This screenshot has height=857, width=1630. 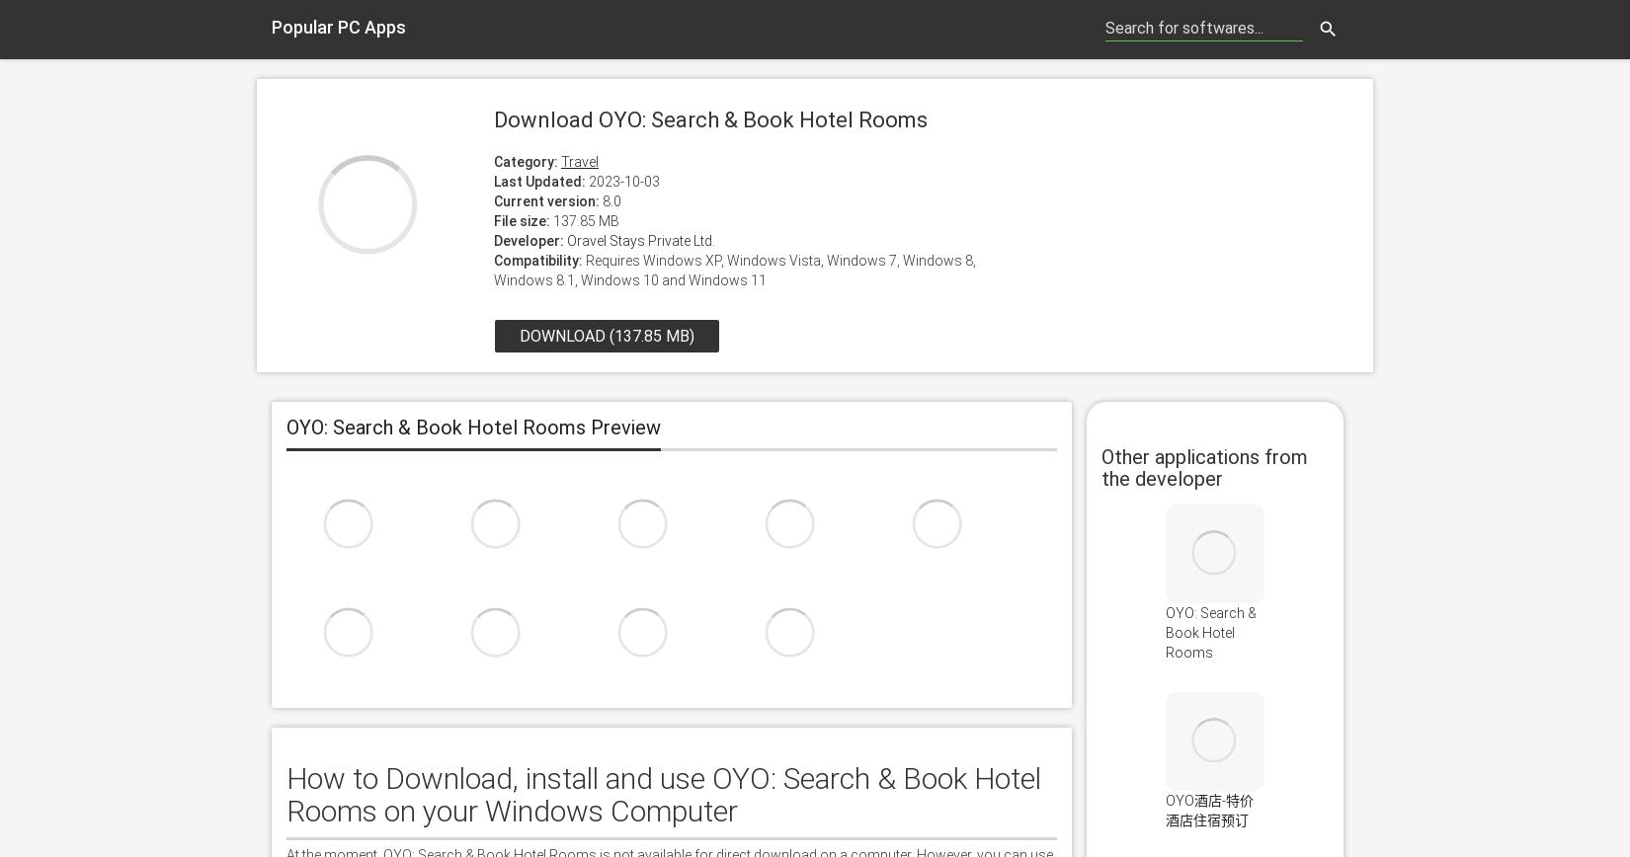 I want to click on 'Category:', so click(x=525, y=161).